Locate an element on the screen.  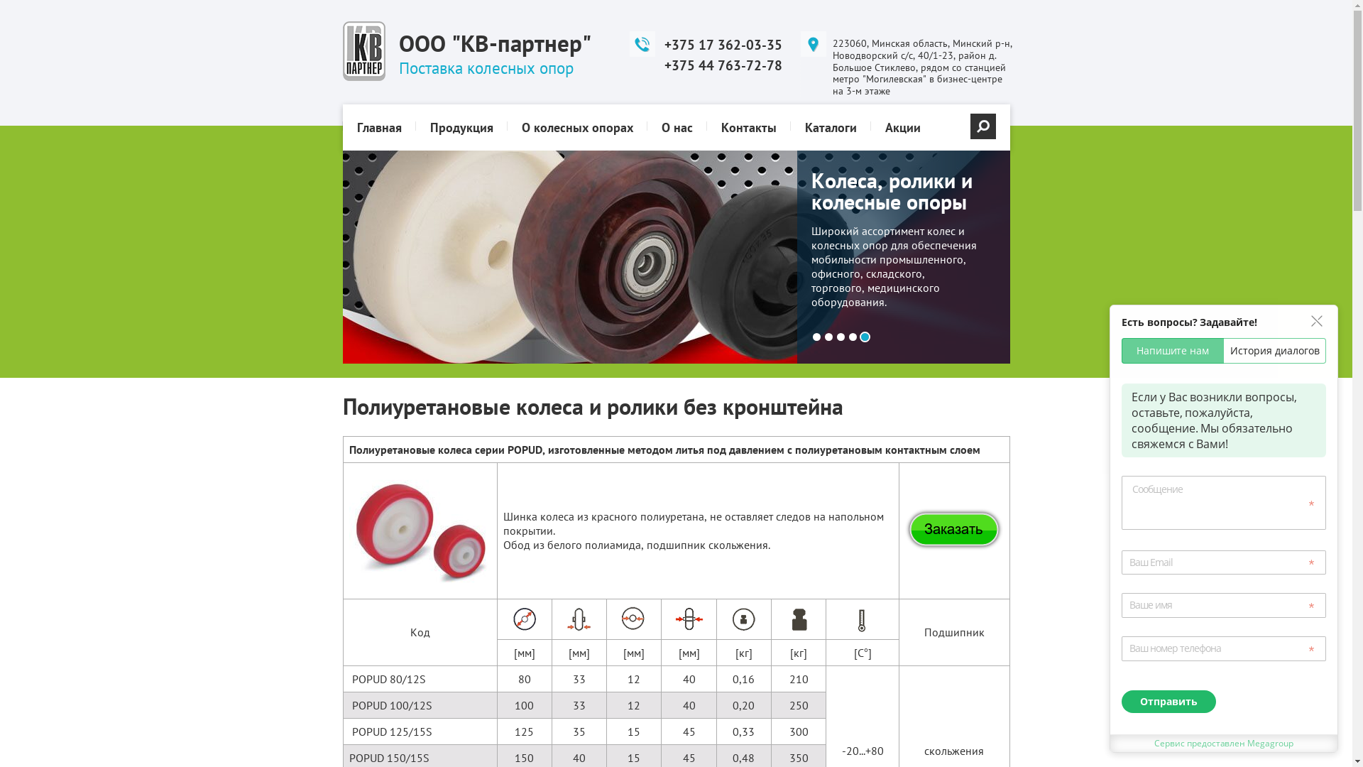
'Megagroup' is located at coordinates (1246, 742).